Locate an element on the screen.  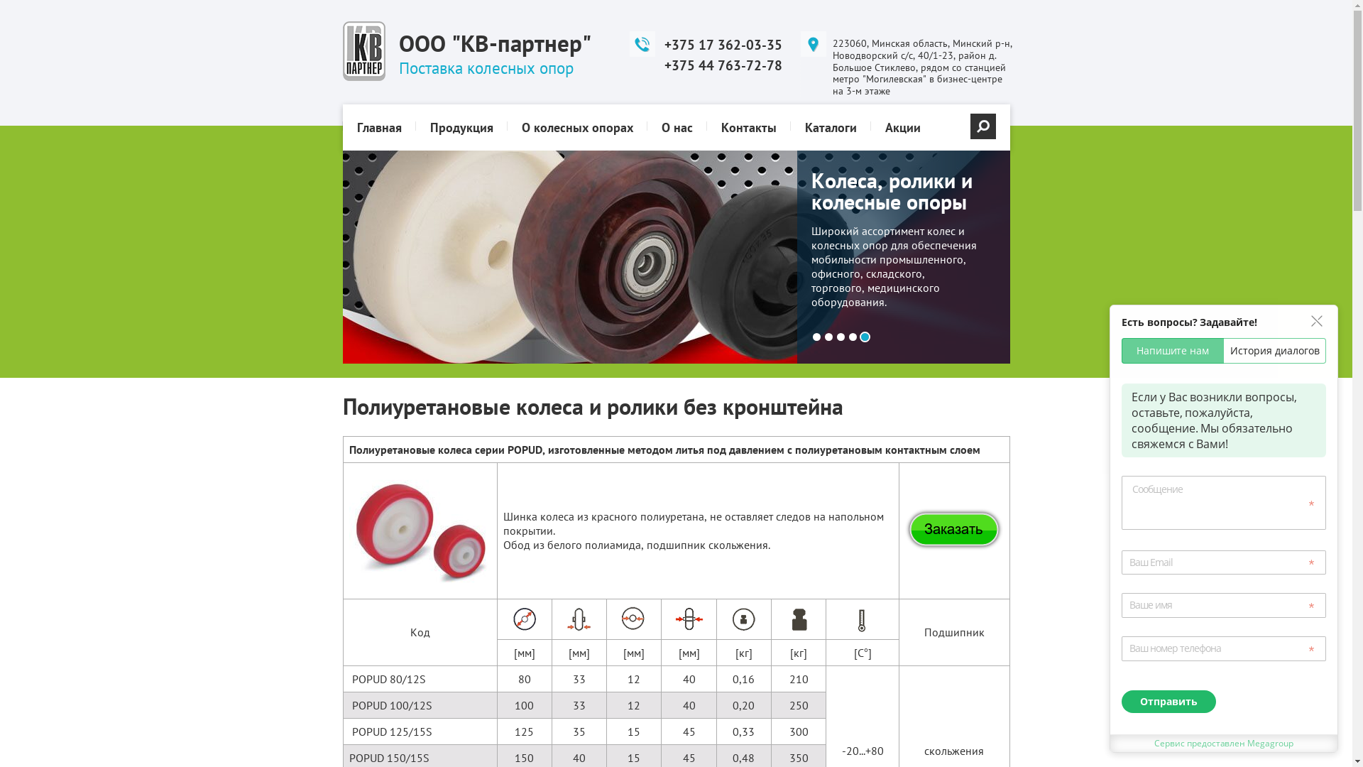
'Megagroup' is located at coordinates (1246, 742).